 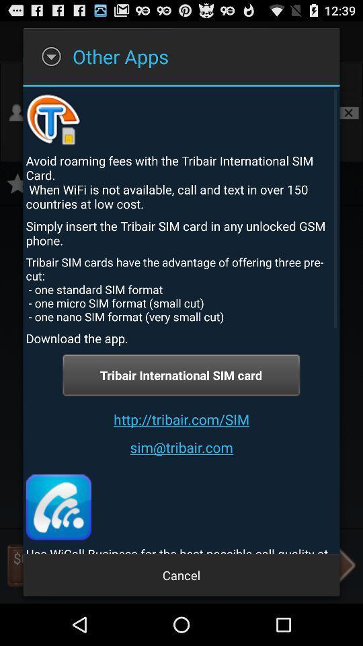 I want to click on icon below the sim@tribair.com, so click(x=58, y=506).